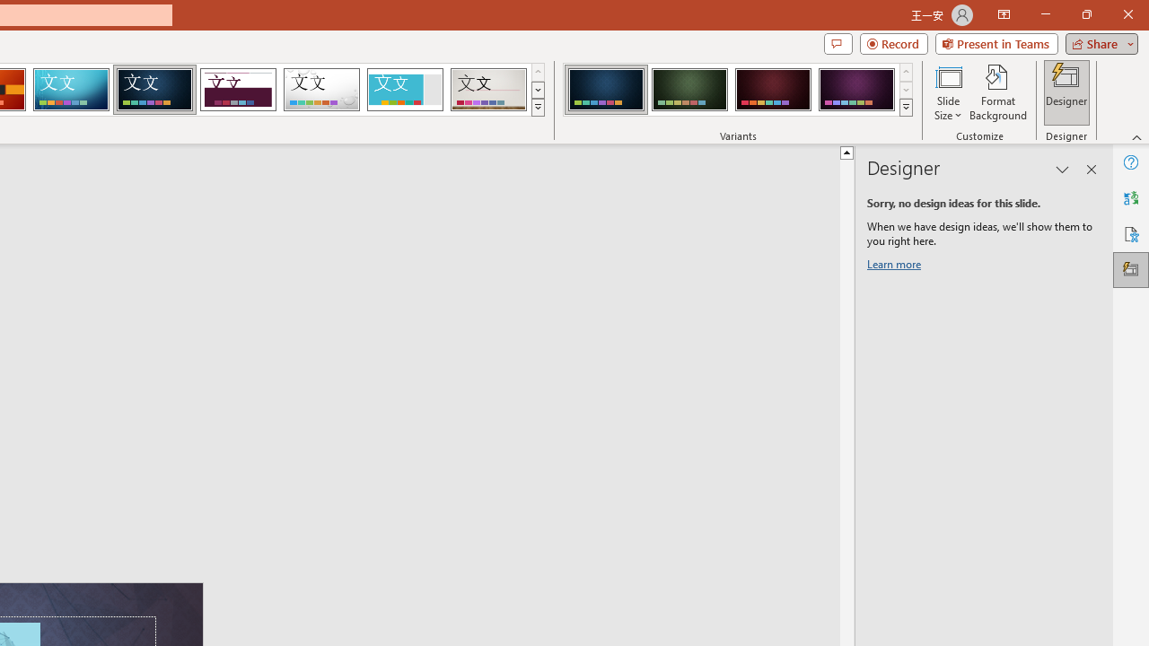 Image resolution: width=1149 pixels, height=646 pixels. What do you see at coordinates (71, 90) in the screenshot?
I see `'Circuit'` at bounding box center [71, 90].